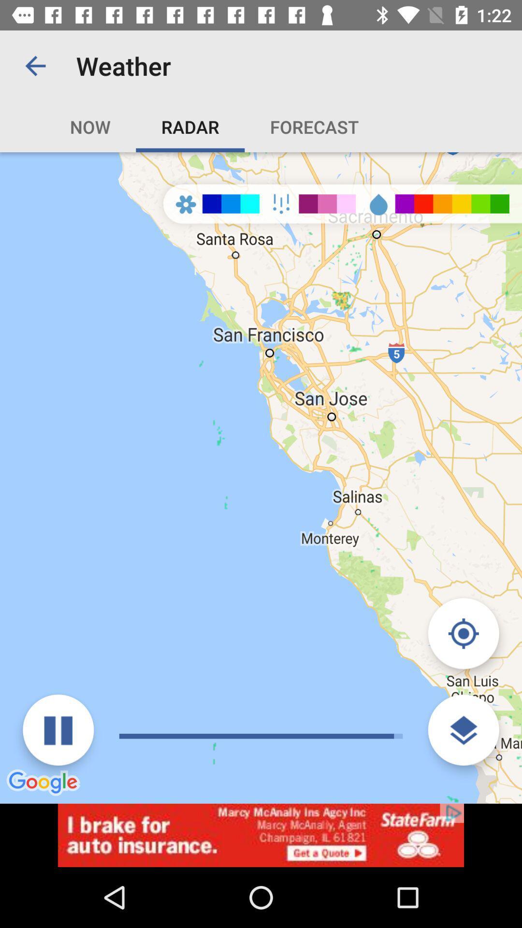 This screenshot has width=522, height=928. I want to click on the layers icon, so click(463, 730).